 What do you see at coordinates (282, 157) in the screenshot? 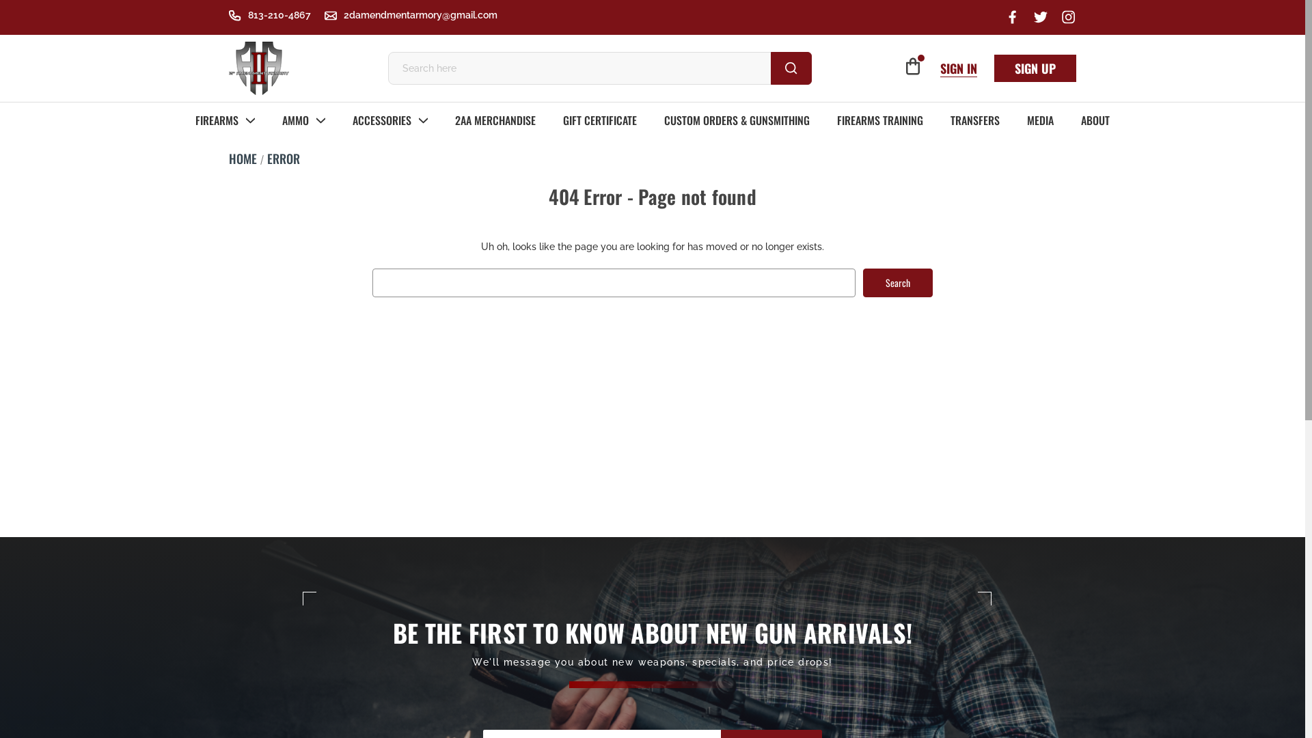
I see `'ERROR'` at bounding box center [282, 157].